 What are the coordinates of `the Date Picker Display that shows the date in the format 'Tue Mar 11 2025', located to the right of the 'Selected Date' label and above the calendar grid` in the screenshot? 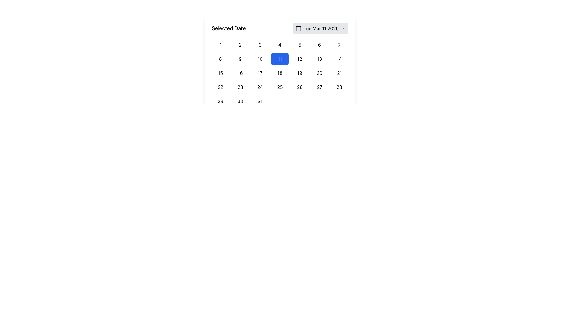 It's located at (320, 28).